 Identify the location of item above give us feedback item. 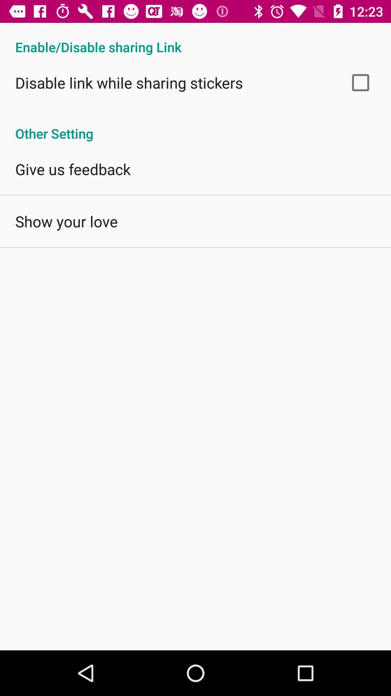
(195, 126).